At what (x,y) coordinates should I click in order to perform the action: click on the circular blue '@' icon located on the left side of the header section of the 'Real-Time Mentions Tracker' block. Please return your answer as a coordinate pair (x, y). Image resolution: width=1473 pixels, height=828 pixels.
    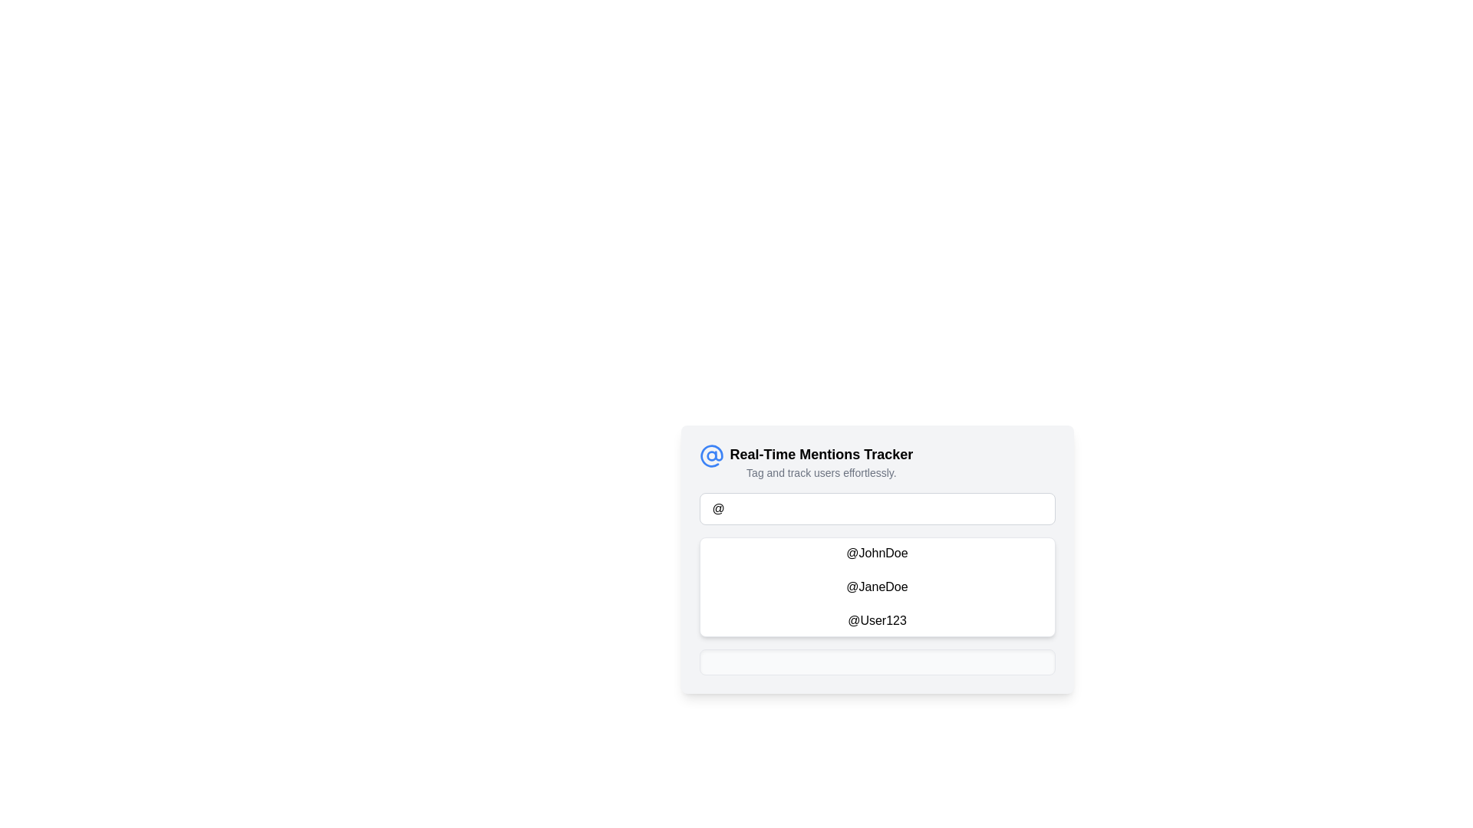
    Looking at the image, I should click on (710, 455).